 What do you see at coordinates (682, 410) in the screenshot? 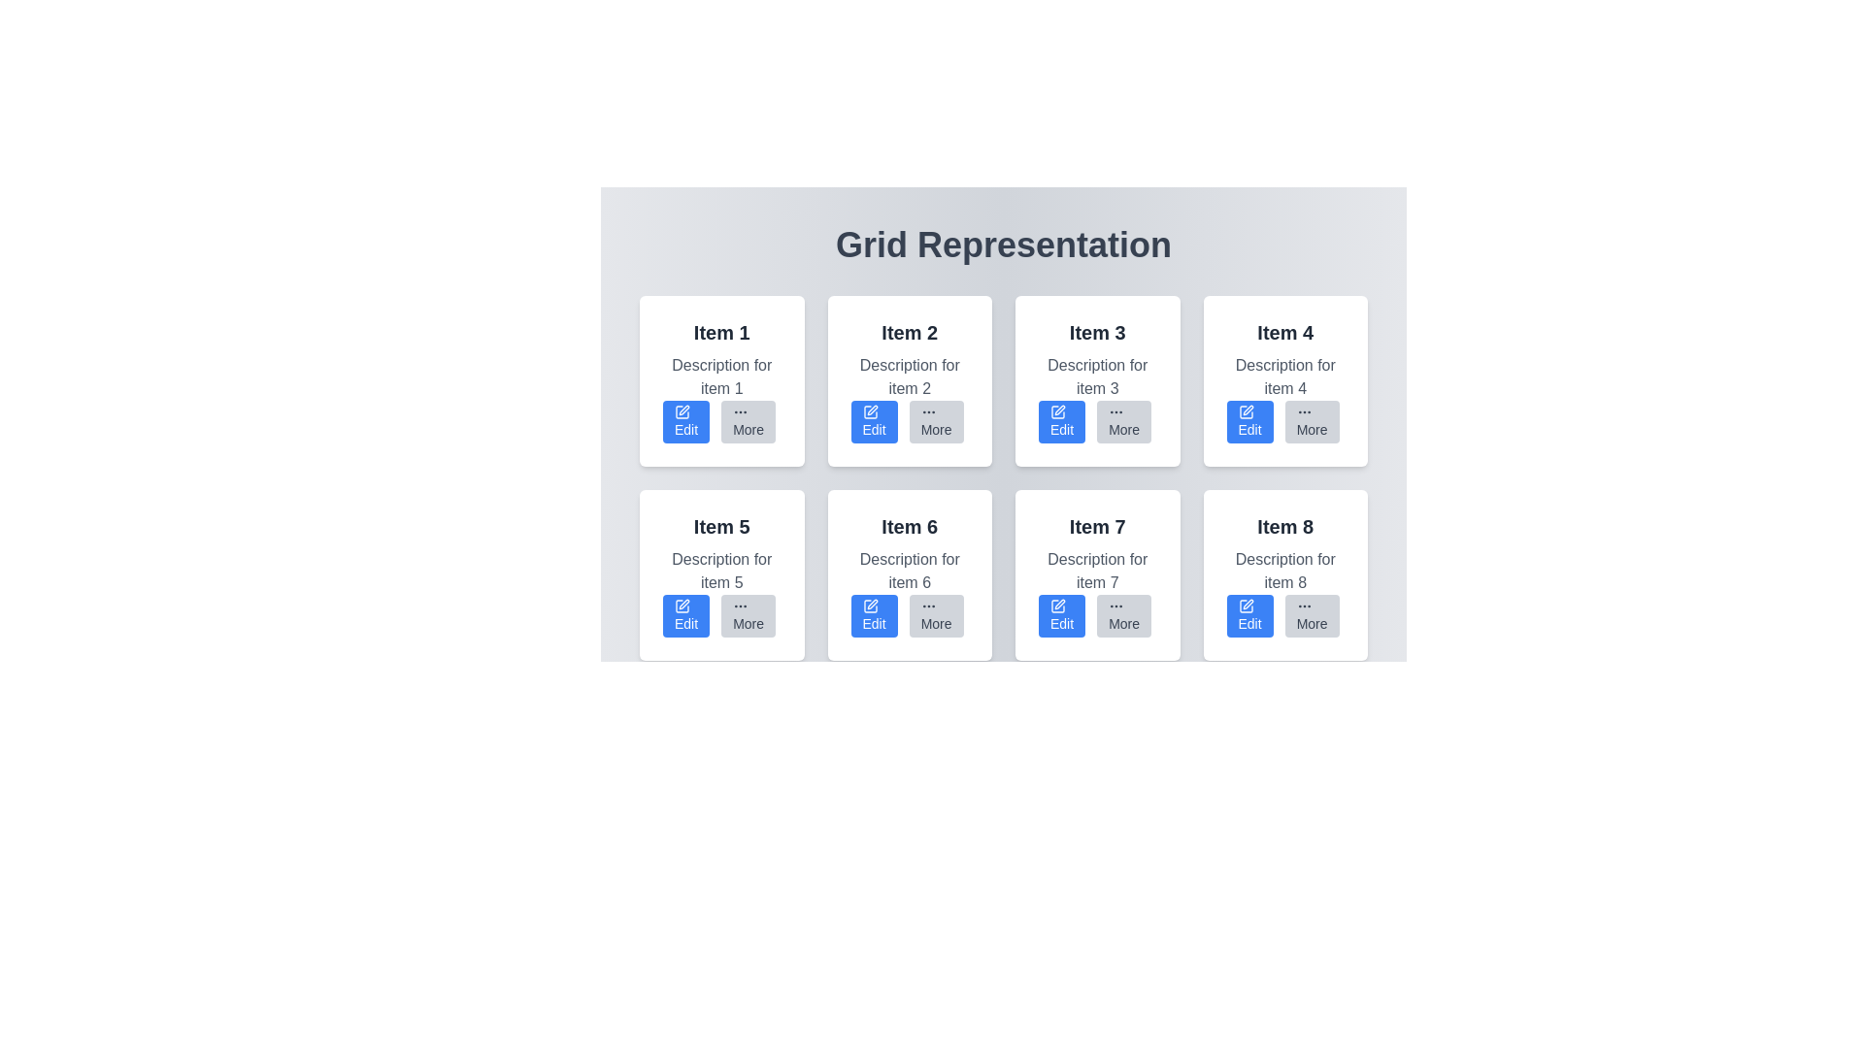
I see `the pen icon inside the blue 'Edit' button located in the card labeled 'Item 1' in the top-left corner of the grid layout` at bounding box center [682, 410].